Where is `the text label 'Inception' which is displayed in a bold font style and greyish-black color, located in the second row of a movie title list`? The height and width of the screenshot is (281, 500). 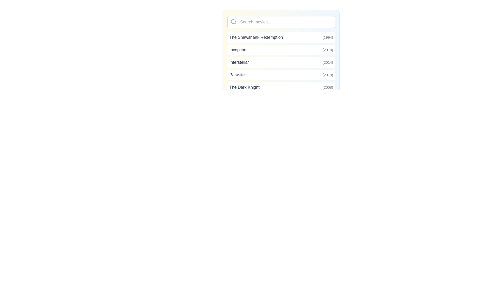 the text label 'Inception' which is displayed in a bold font style and greyish-black color, located in the second row of a movie title list is located at coordinates (238, 50).